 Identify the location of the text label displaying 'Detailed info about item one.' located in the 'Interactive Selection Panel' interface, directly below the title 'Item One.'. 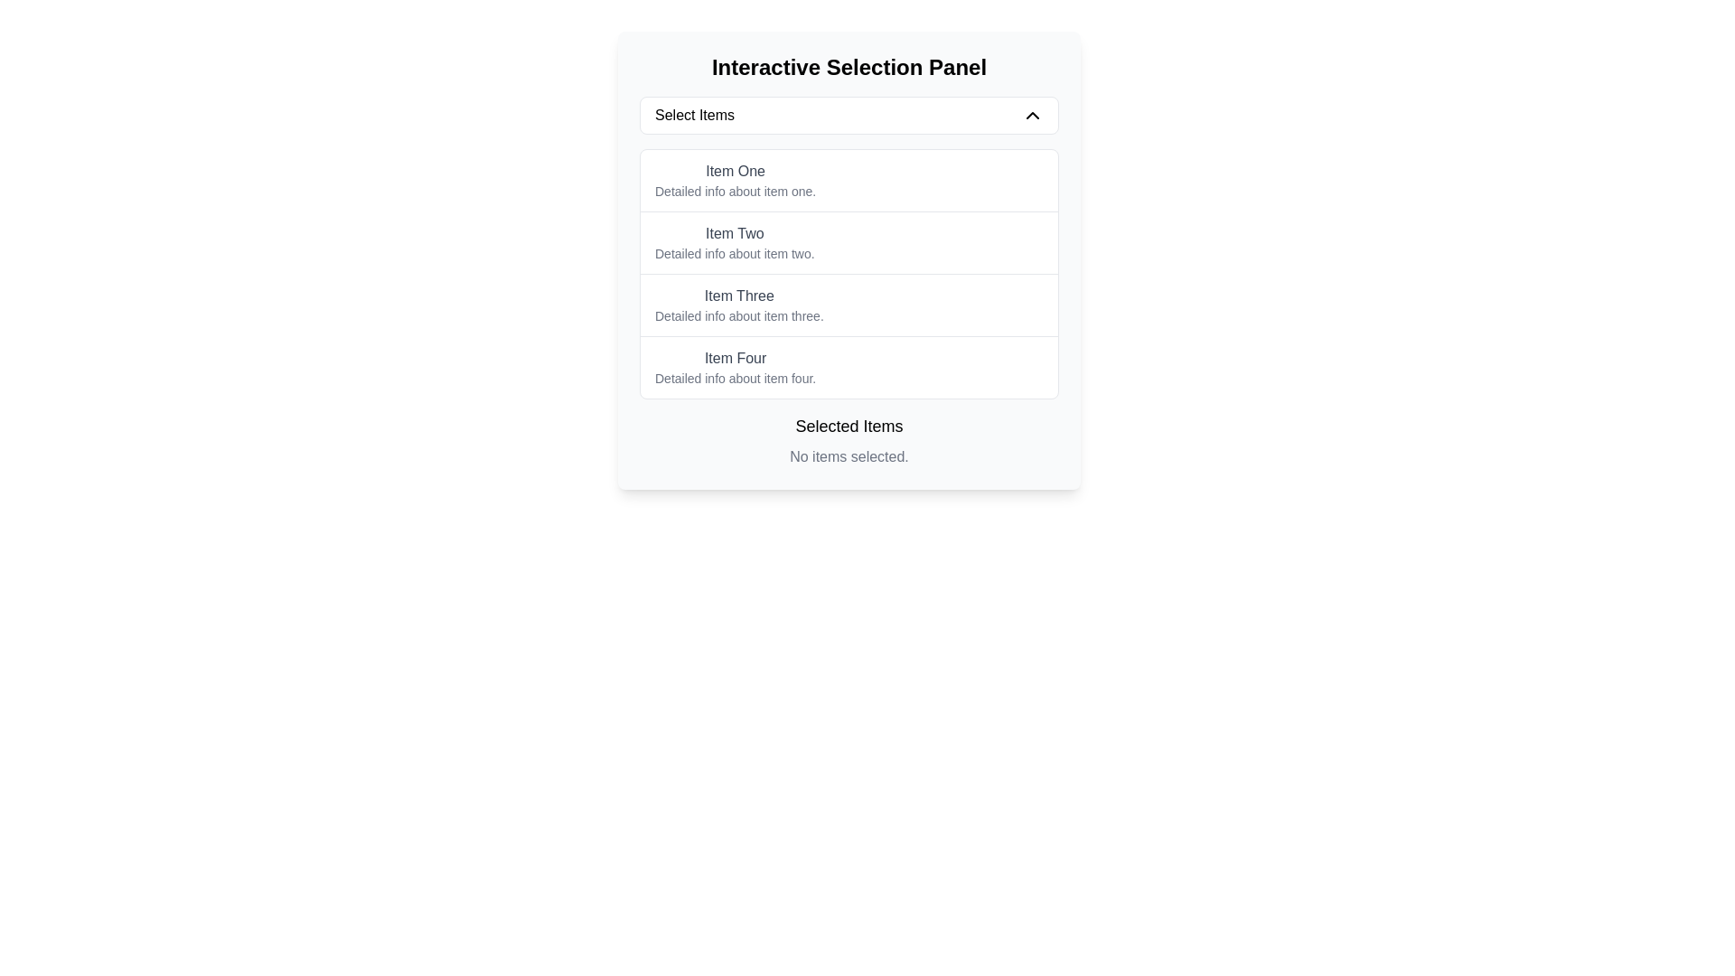
(736, 192).